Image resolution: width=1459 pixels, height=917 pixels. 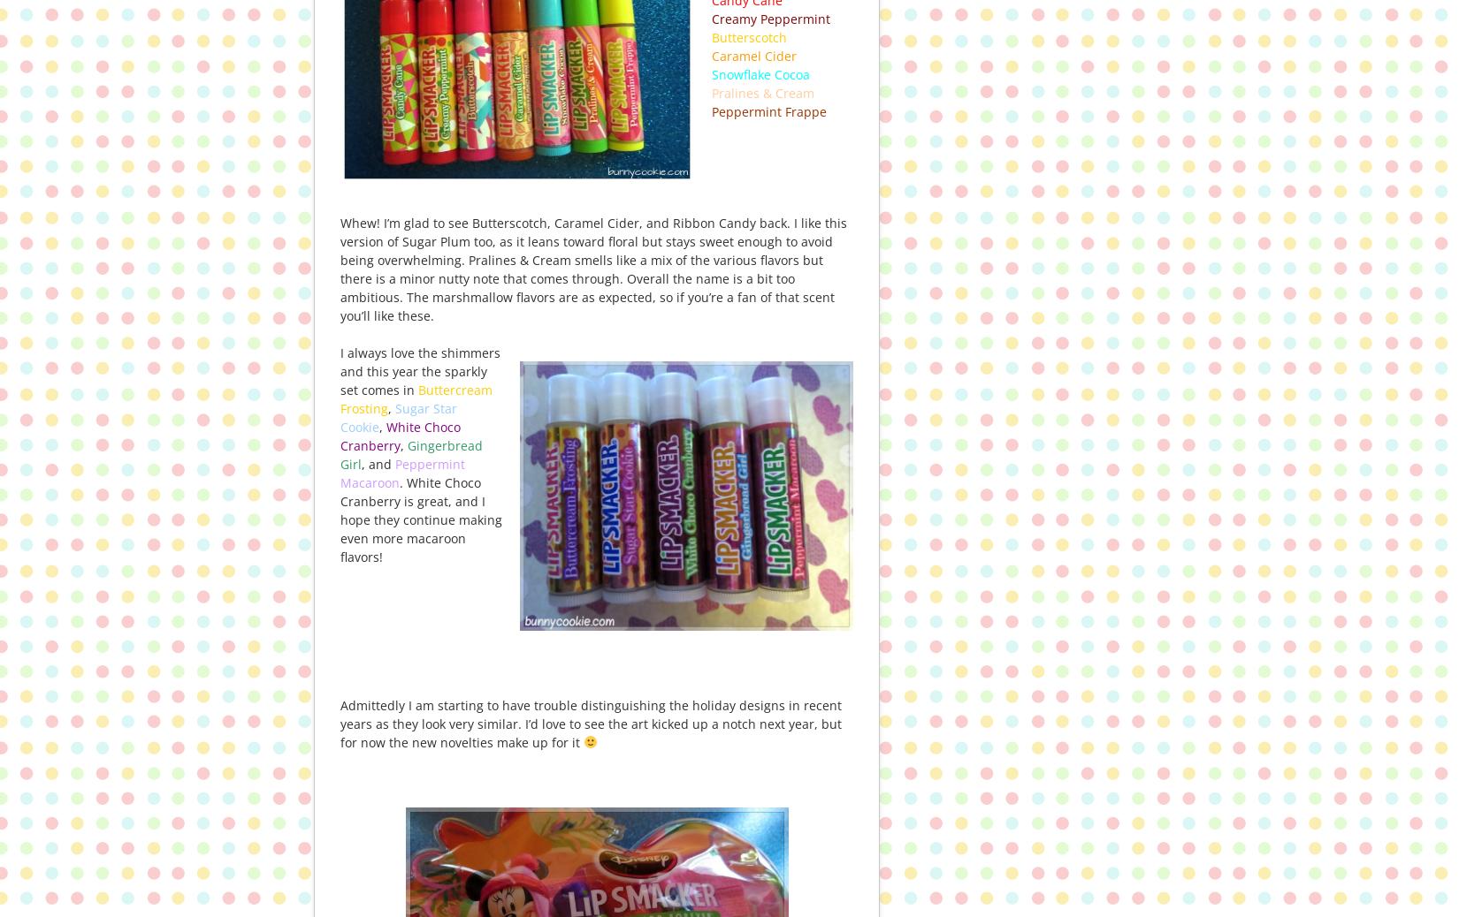 What do you see at coordinates (769, 110) in the screenshot?
I see `'Peppermint Frappe'` at bounding box center [769, 110].